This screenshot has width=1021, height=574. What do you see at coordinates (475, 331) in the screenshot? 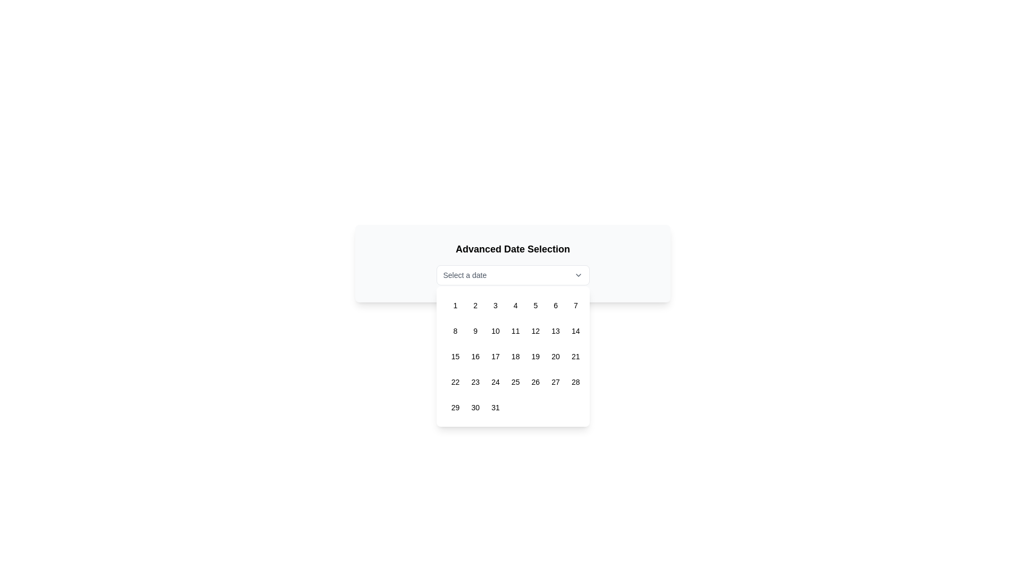
I see `the button for selecting the day '9' located in the second row of a 7-column grid layout, which is positioned below the 'Advanced Date Selection' header and the 'Select a date' dropdown input field` at bounding box center [475, 331].